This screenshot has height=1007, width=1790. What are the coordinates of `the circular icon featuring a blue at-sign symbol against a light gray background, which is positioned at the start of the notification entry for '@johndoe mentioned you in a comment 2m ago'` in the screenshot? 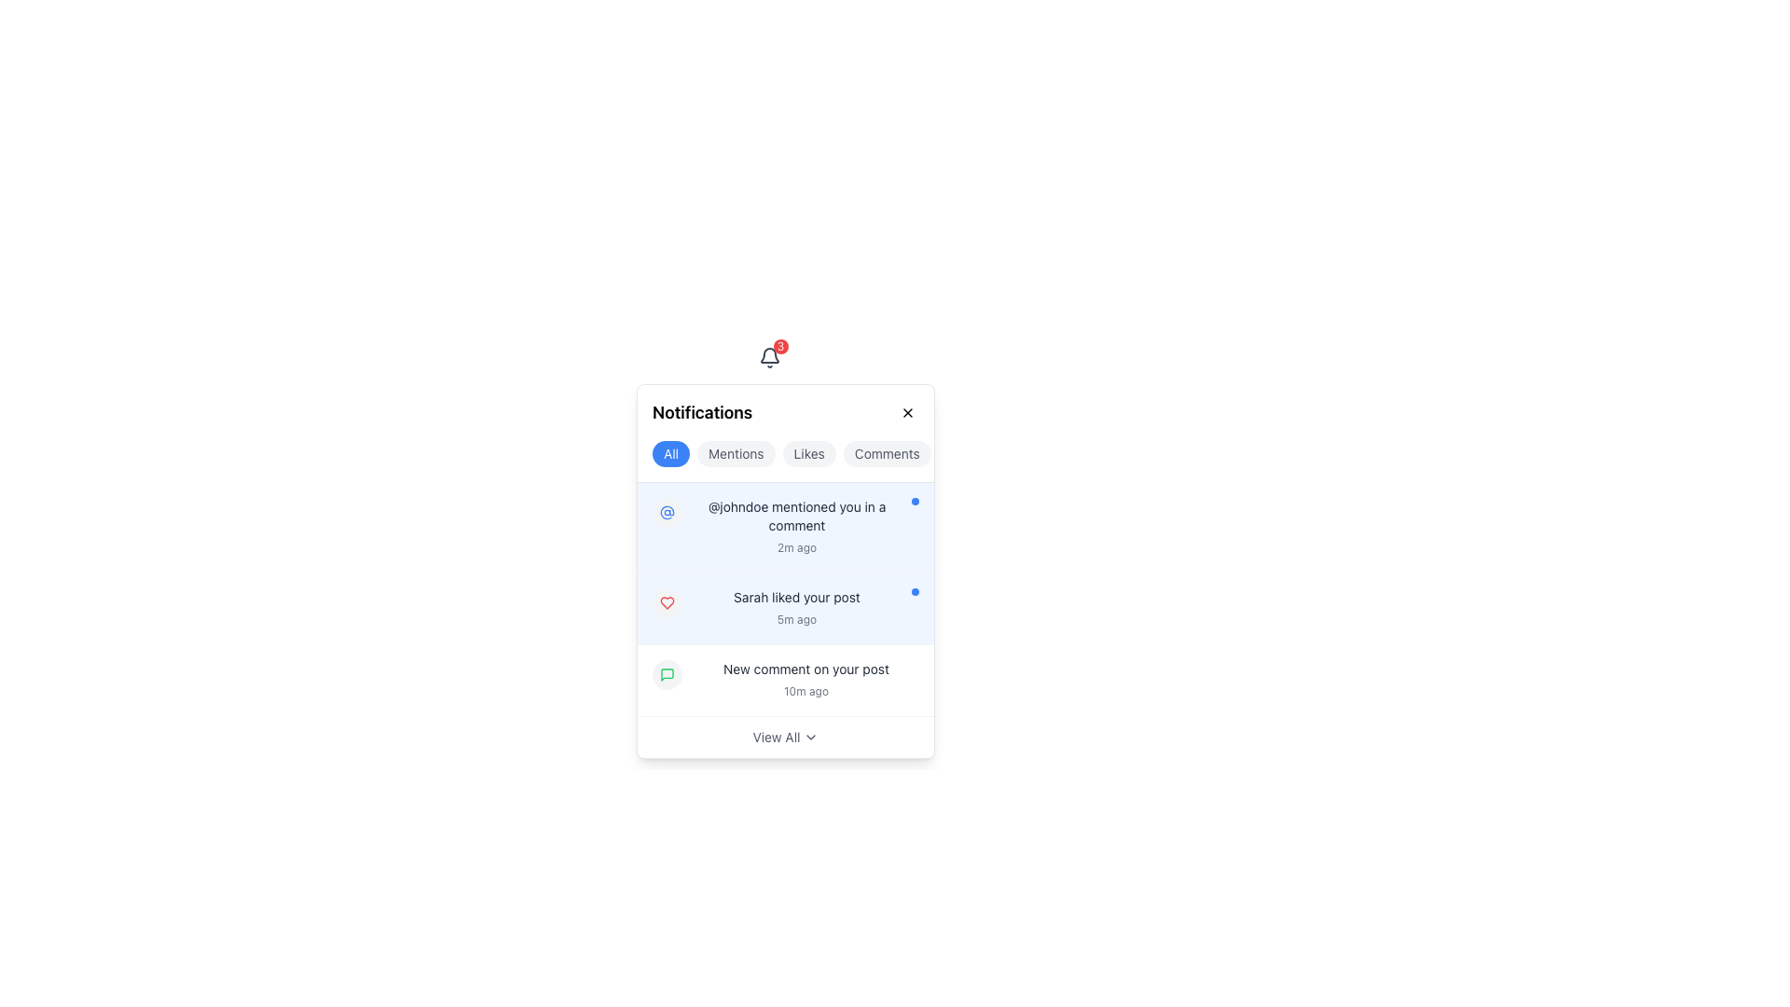 It's located at (667, 513).